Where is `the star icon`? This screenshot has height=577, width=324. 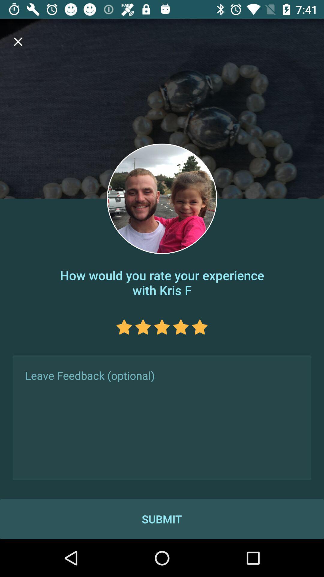 the star icon is located at coordinates (124, 327).